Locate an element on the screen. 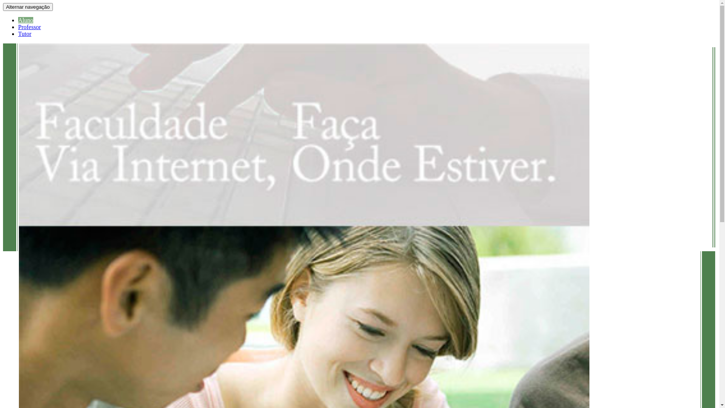 This screenshot has height=408, width=725. 'Professor' is located at coordinates (18, 26).